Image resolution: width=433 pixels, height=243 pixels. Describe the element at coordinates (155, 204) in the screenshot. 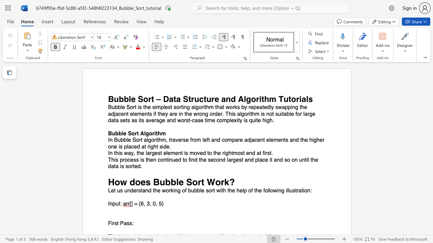

I see `the subset text ", 5" within the text "[] = {6, 3, 0, 5}"` at that location.